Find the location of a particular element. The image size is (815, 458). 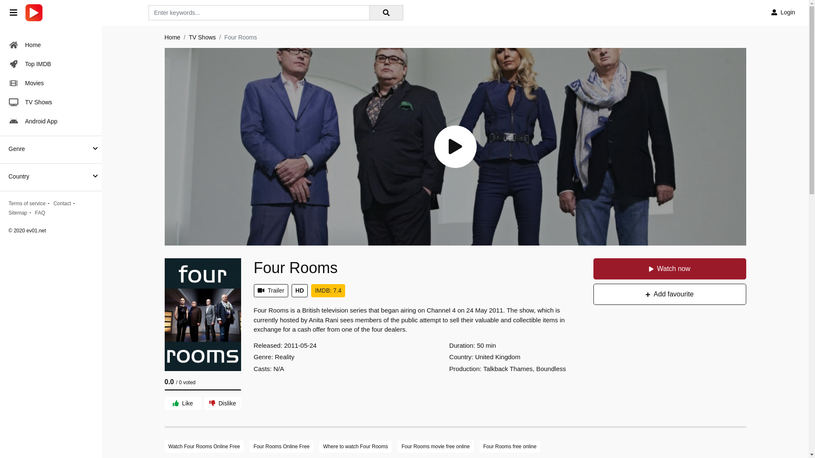

'TV Shows' is located at coordinates (202, 37).